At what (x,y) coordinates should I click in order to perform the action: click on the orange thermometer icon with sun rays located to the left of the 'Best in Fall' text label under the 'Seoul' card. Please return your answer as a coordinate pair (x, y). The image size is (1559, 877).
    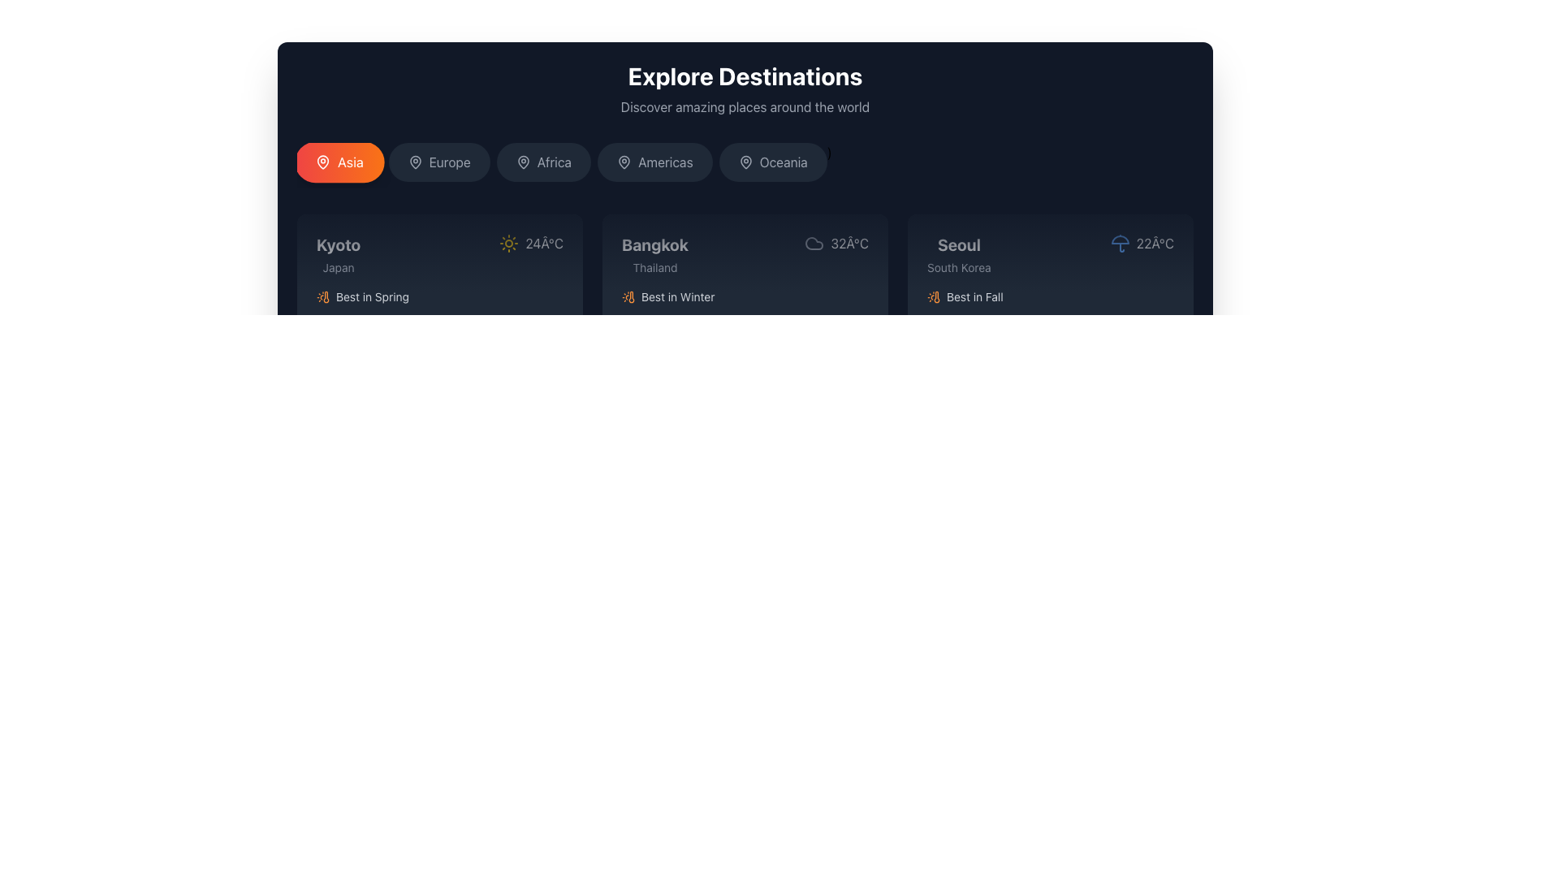
    Looking at the image, I should click on (934, 297).